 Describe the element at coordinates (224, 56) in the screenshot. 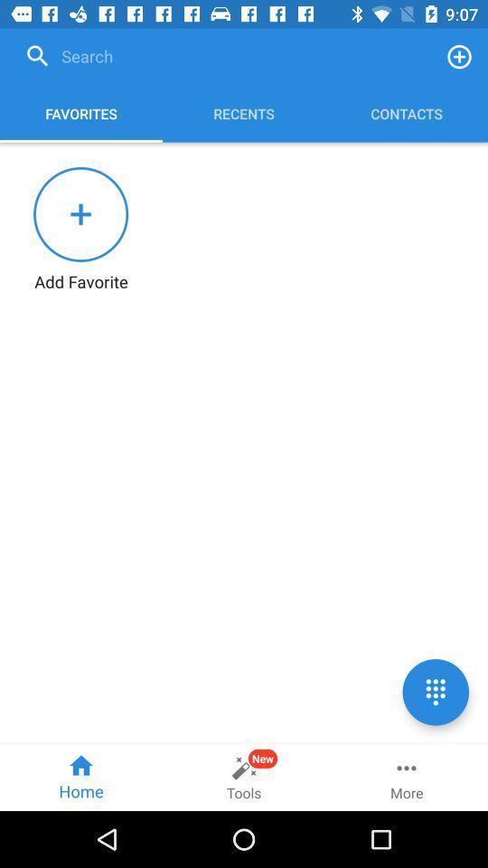

I see `search terms` at that location.